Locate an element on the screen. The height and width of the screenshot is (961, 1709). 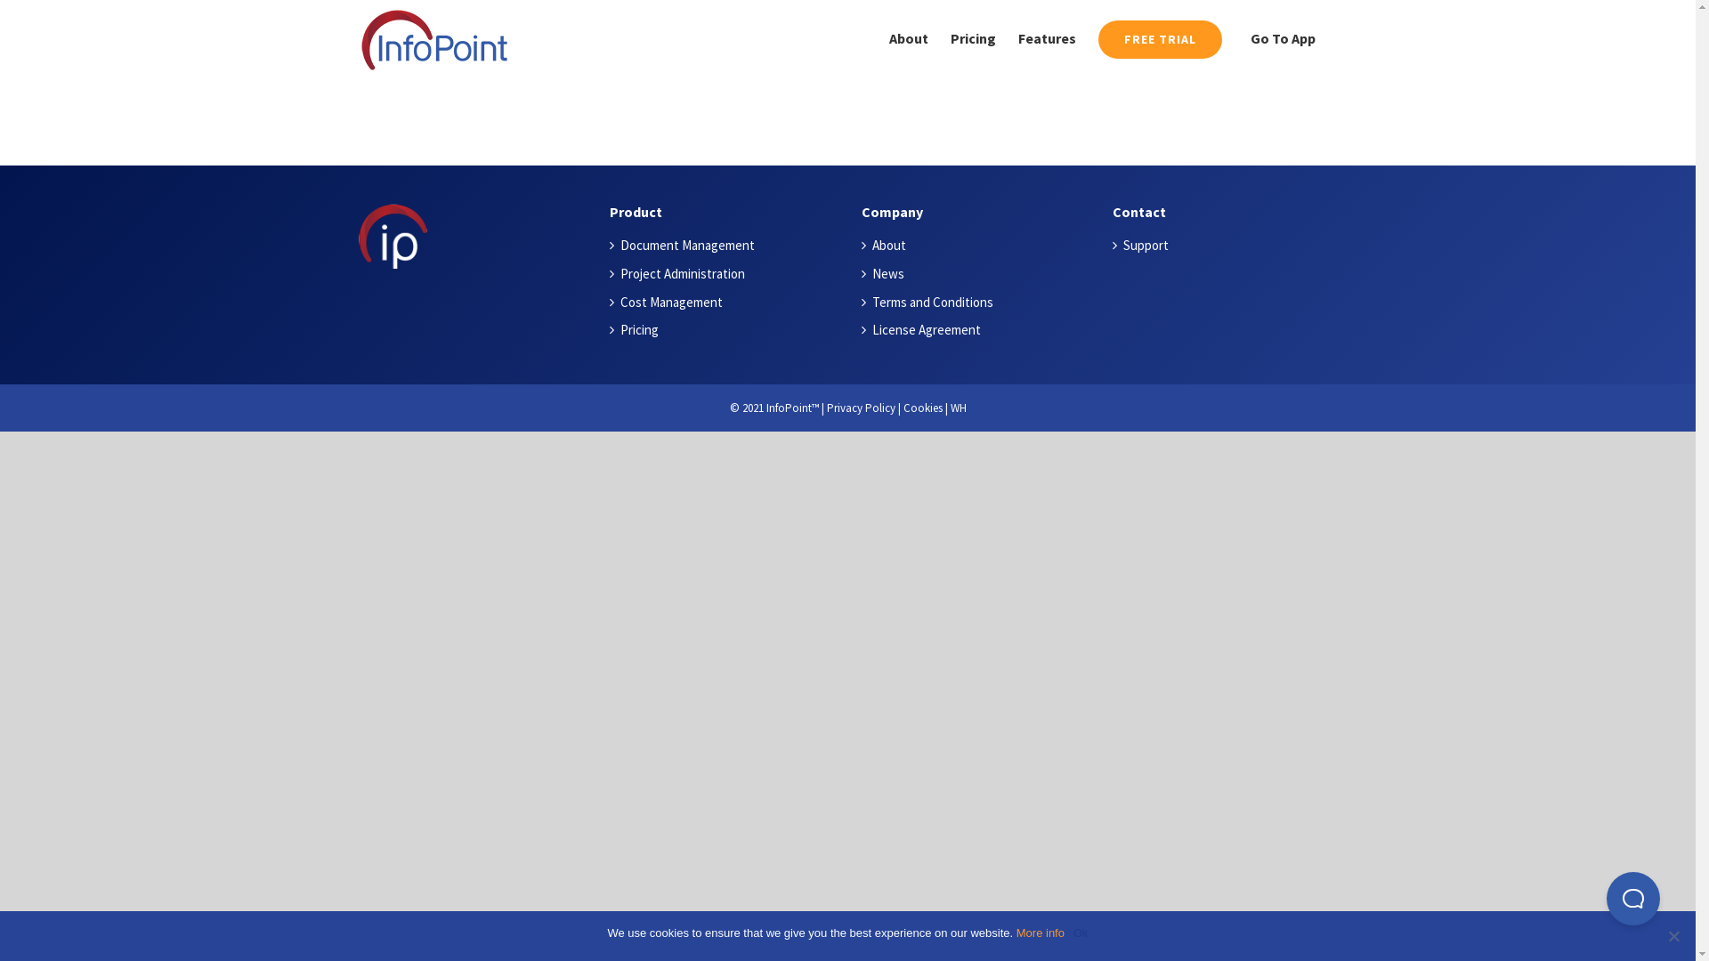
'Cost Management' is located at coordinates (727, 301).